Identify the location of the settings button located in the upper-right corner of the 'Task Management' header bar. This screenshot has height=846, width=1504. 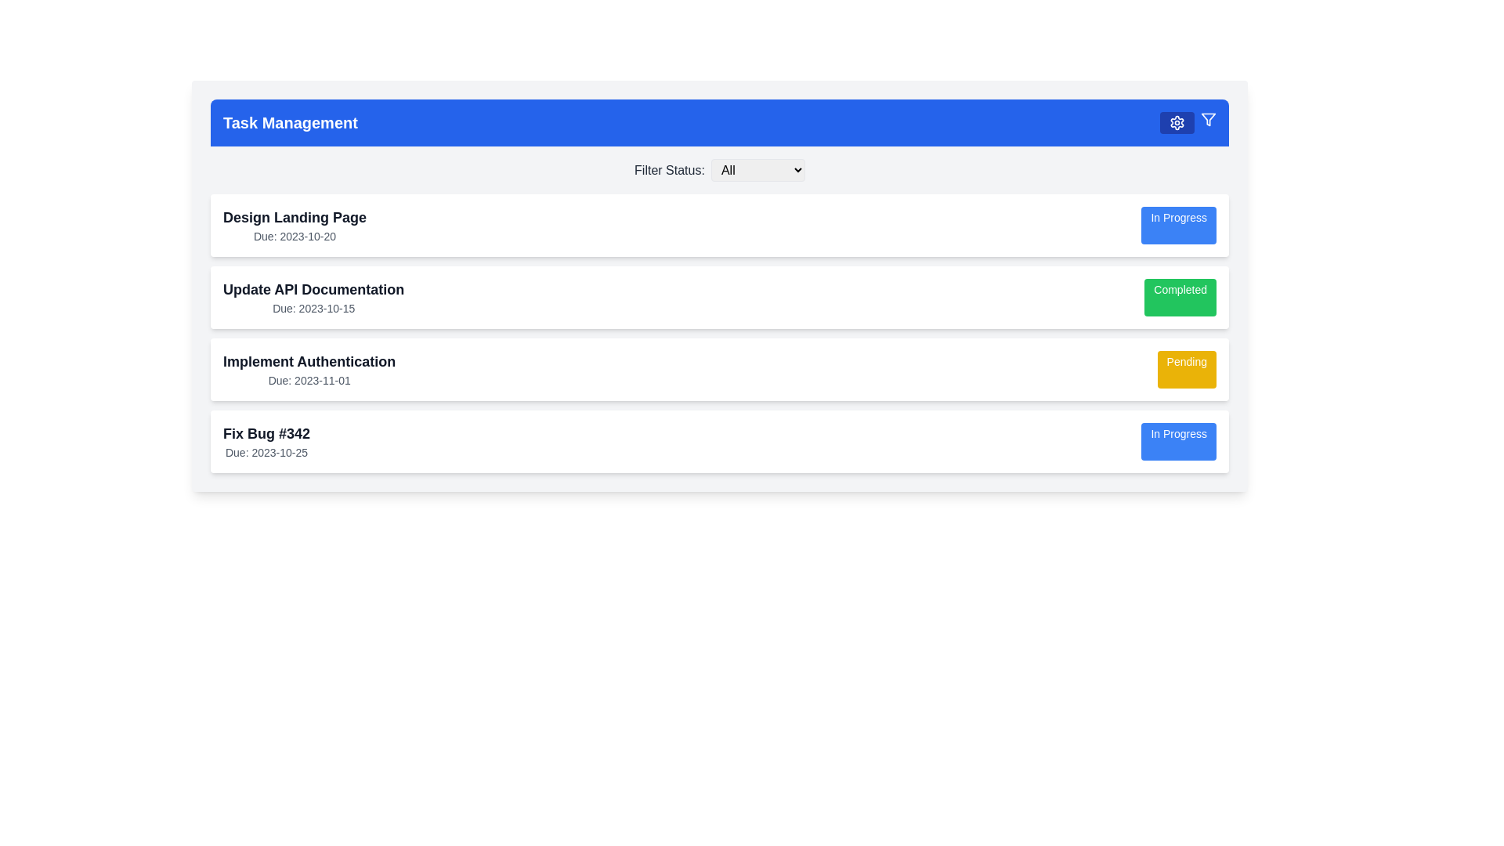
(1188, 122).